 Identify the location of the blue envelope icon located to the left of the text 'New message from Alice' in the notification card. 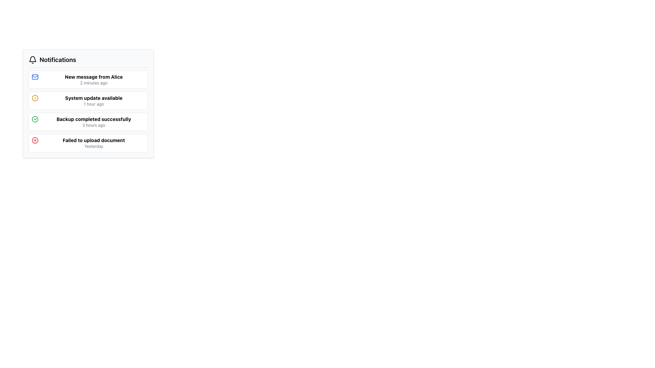
(34, 77).